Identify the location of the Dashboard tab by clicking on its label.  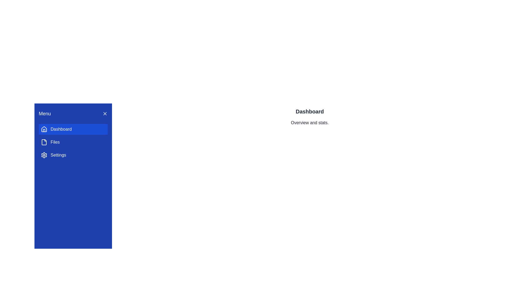
(73, 129).